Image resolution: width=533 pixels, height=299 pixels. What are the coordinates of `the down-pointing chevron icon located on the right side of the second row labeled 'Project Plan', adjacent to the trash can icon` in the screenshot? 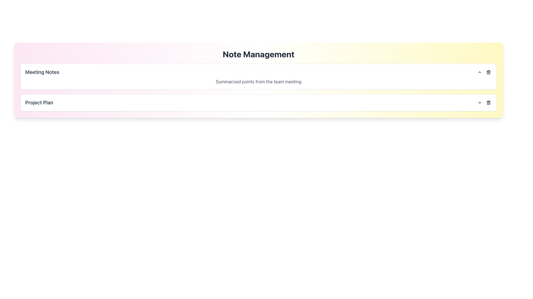 It's located at (479, 102).